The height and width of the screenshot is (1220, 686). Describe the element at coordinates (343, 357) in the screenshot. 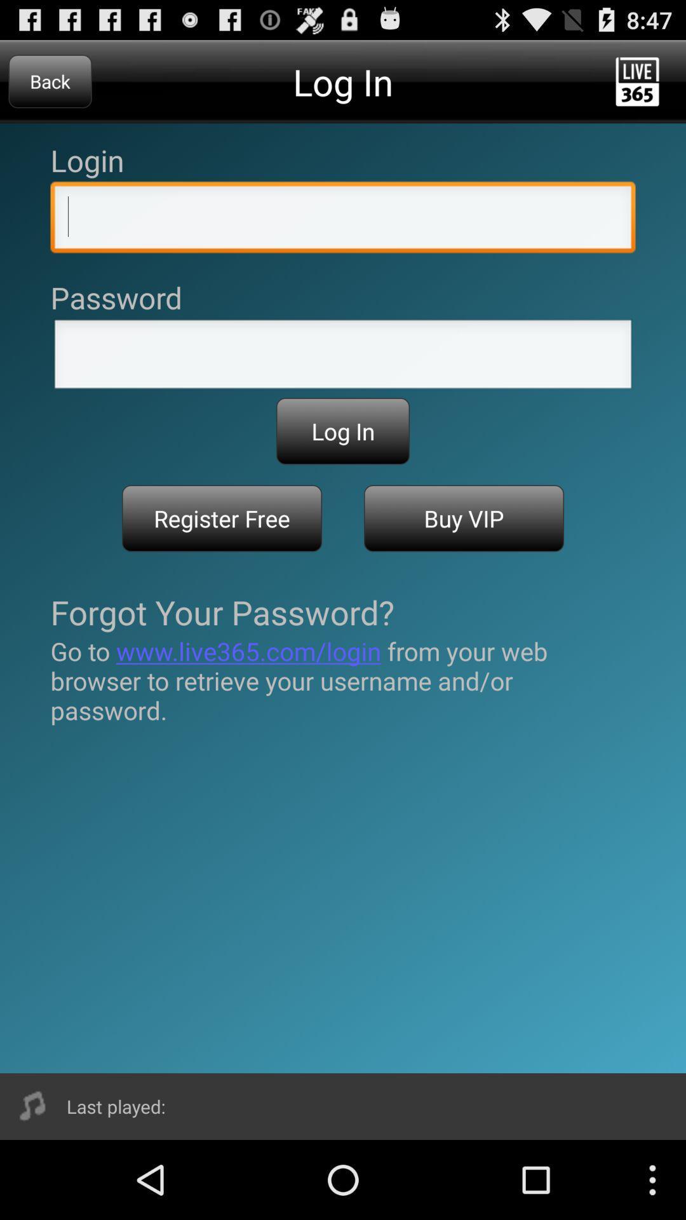

I see `your password` at that location.